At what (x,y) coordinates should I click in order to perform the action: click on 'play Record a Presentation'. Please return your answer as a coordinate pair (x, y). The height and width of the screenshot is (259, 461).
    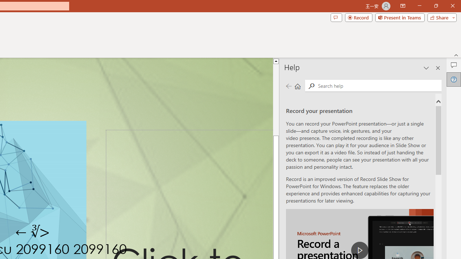
    Looking at the image, I should click on (360, 250).